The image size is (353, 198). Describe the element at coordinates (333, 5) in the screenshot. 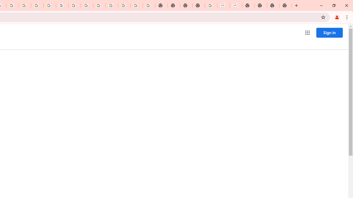

I see `'Restore'` at that location.